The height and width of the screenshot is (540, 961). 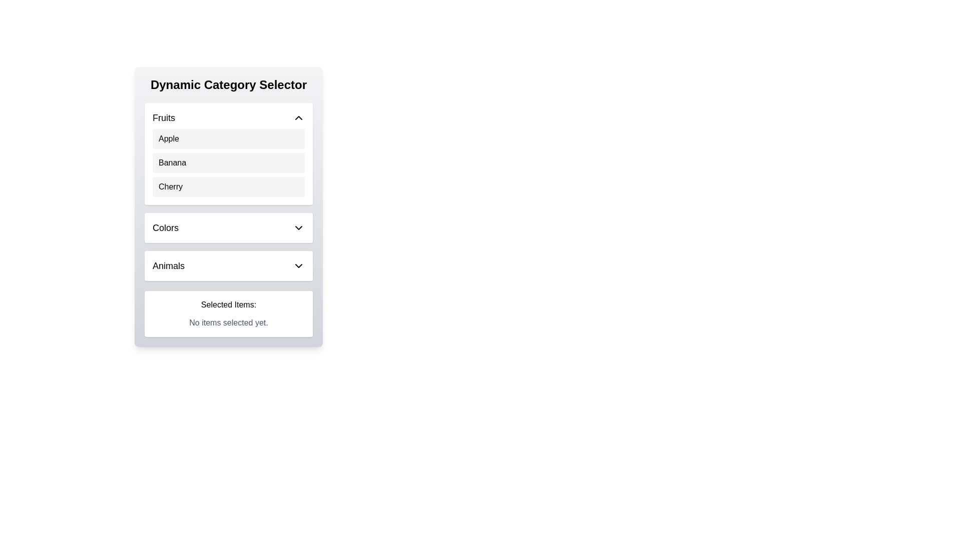 What do you see at coordinates (164, 117) in the screenshot?
I see `the 'Fruits' category header label in the 'Dynamic Category Selector' interface, which is positioned at the top of the 'Fruits' expandable section` at bounding box center [164, 117].